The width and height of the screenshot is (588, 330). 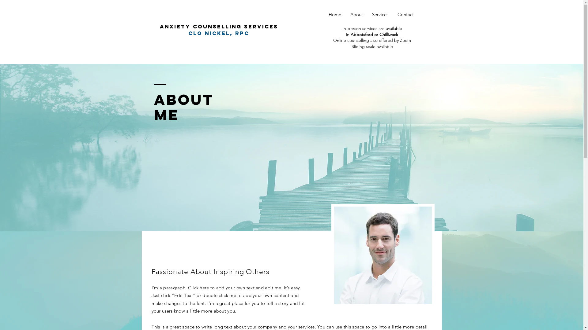 I want to click on 'Contact', so click(x=405, y=14).